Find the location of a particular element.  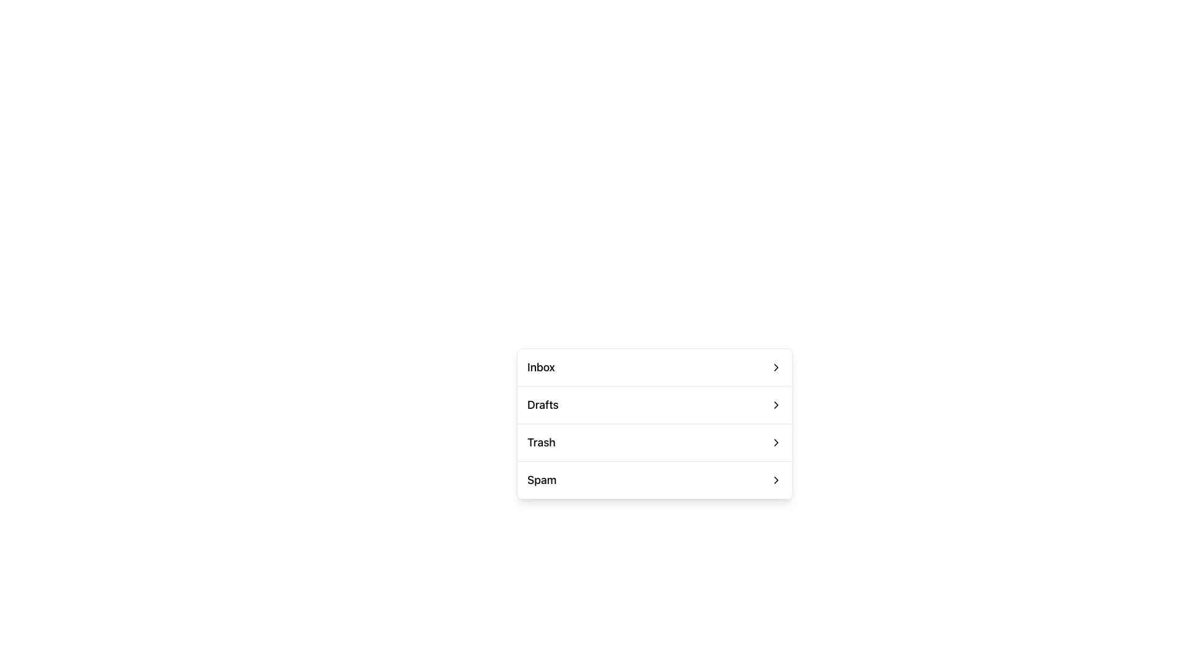

the 'Trash' navigation option in the list is located at coordinates (654, 441).